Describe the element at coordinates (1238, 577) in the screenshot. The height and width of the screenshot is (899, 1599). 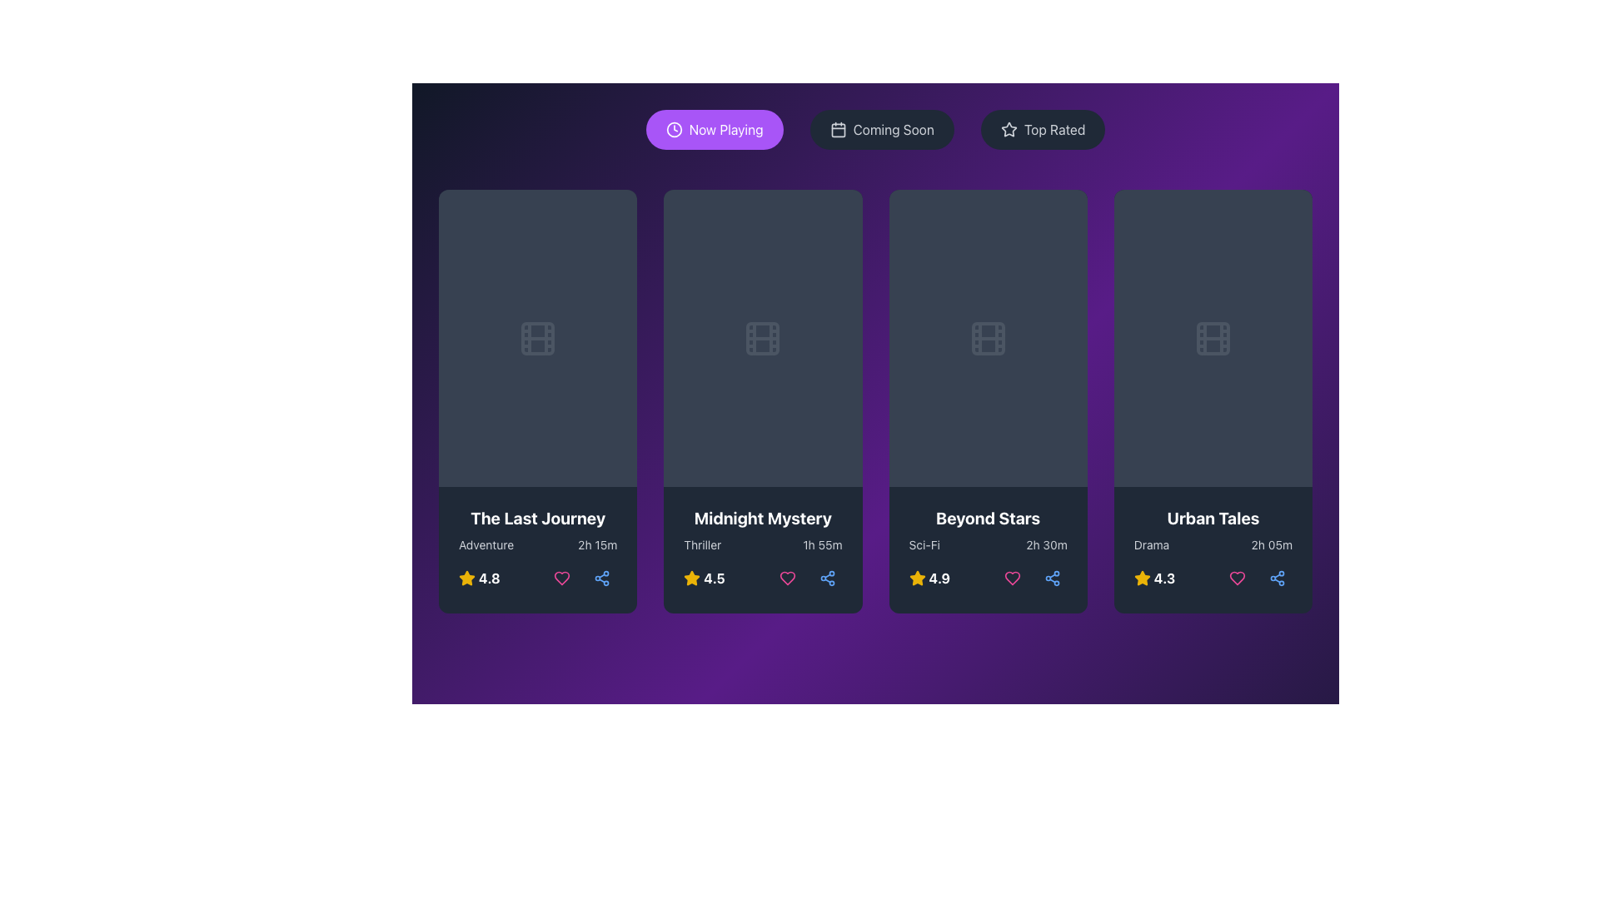
I see `the favorite button located in the bottom section of the fourth card in the grid layout` at that location.